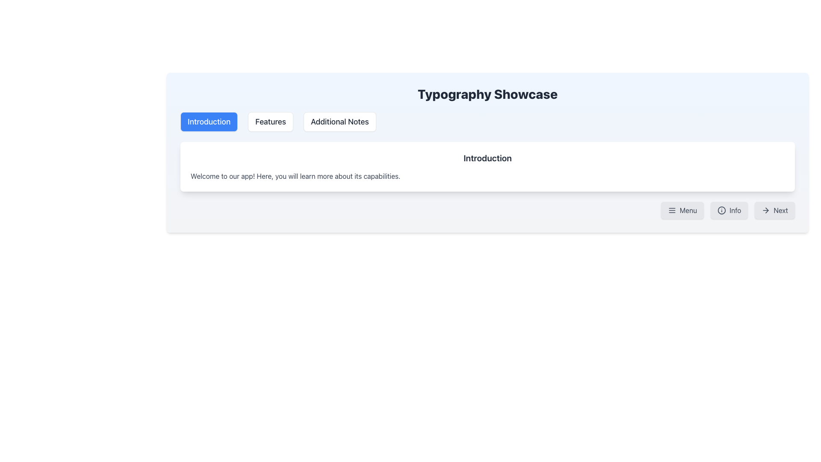 Image resolution: width=821 pixels, height=462 pixels. Describe the element at coordinates (775, 210) in the screenshot. I see `the rightmost button in the horizontal row at the bottom right corner of the interface` at that location.